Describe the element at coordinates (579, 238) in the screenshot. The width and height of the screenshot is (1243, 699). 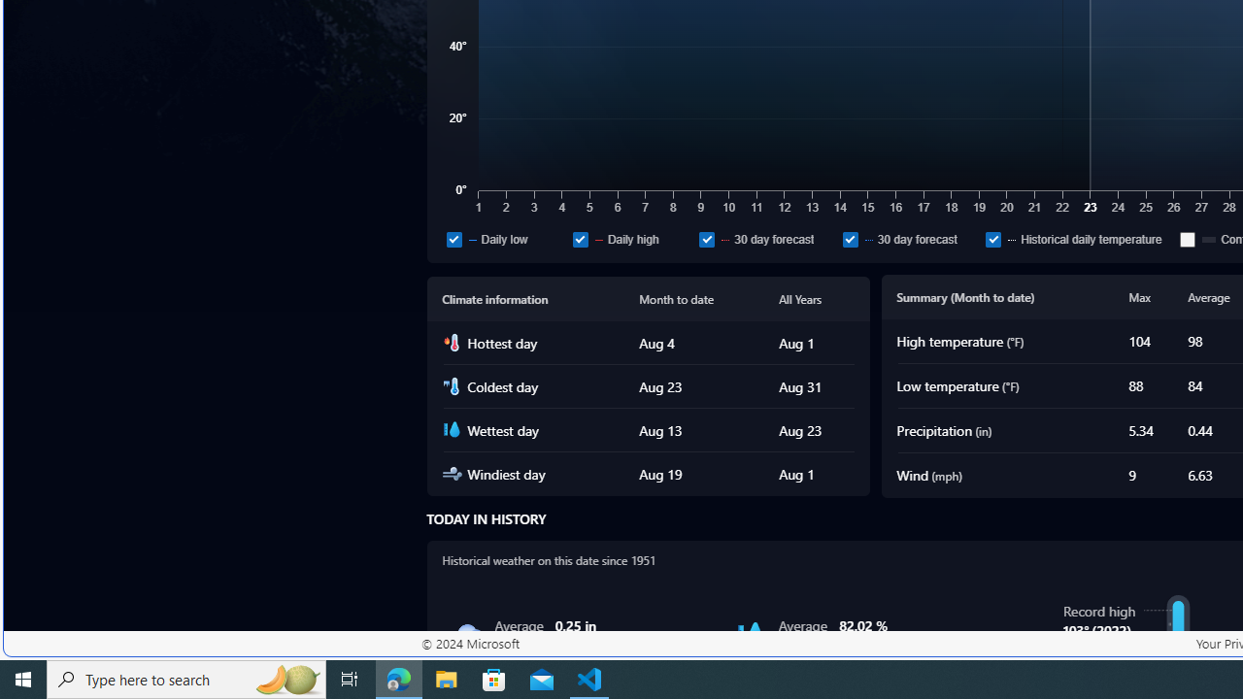
I see `'Daily high'` at that location.